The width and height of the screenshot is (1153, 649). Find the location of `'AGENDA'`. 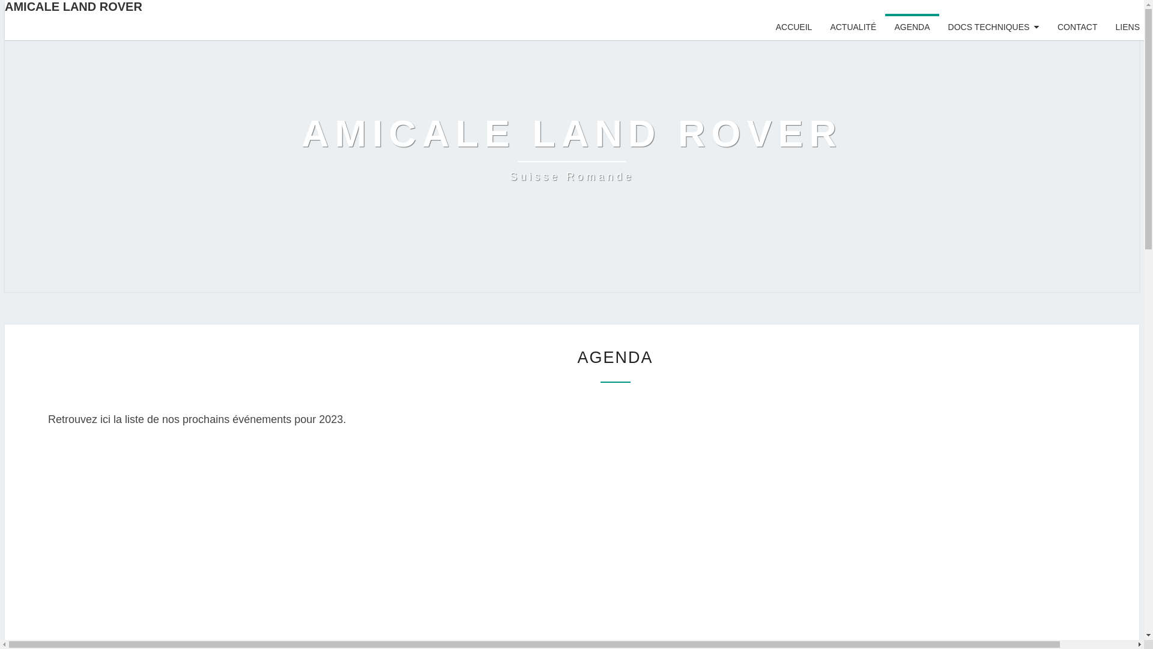

'AGENDA' is located at coordinates (912, 27).